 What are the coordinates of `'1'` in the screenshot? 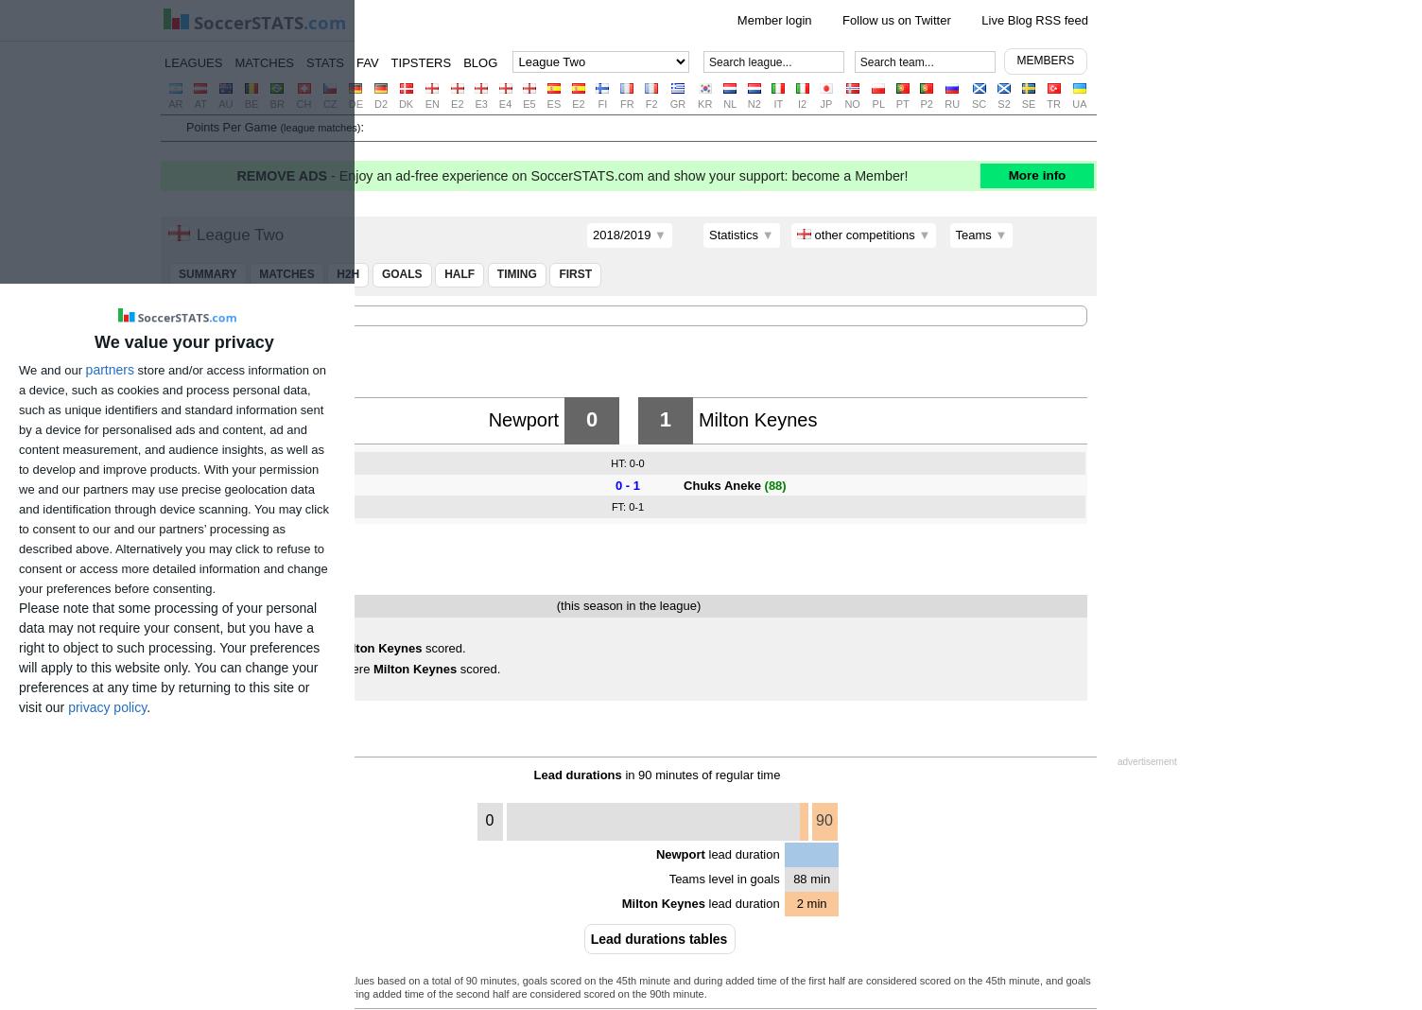 It's located at (663, 419).